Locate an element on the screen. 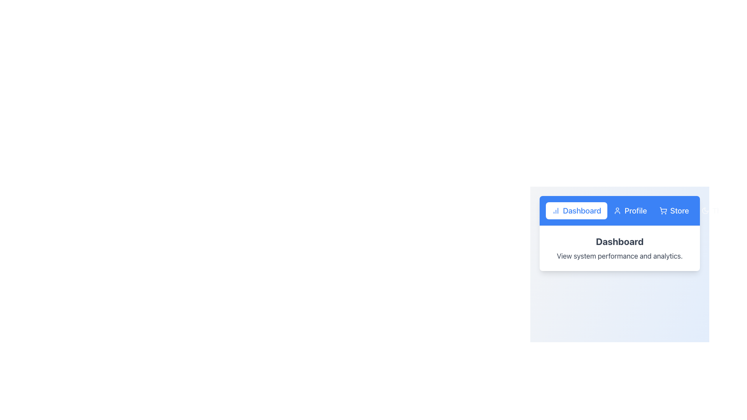  the 'Profile' button icon located in the navigation bar, which is associated with user-related features is located at coordinates (617, 211).